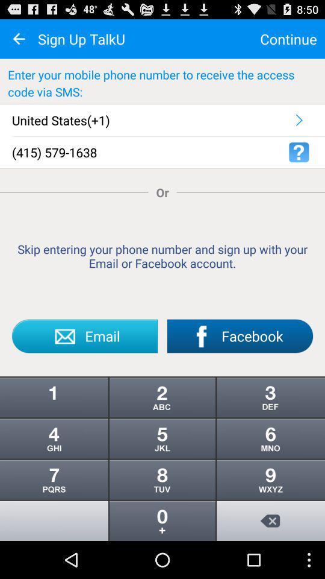 This screenshot has height=579, width=325. Describe the element at coordinates (162, 513) in the screenshot. I see `the more icon` at that location.